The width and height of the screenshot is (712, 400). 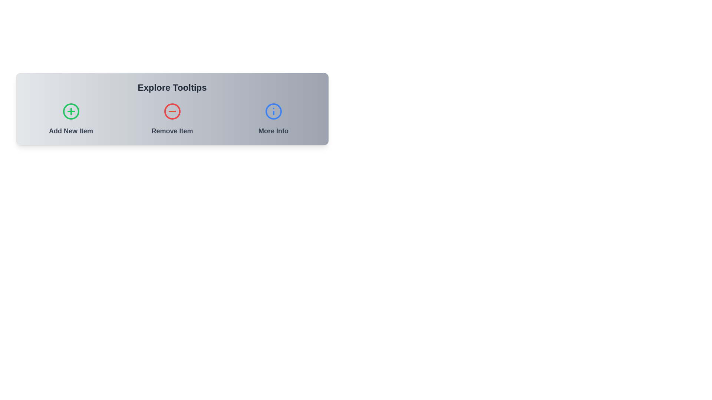 What do you see at coordinates (172, 119) in the screenshot?
I see `the 'Remove Item' button, which is centrally located between the 'Add New Item' button and the 'More Info' button` at bounding box center [172, 119].